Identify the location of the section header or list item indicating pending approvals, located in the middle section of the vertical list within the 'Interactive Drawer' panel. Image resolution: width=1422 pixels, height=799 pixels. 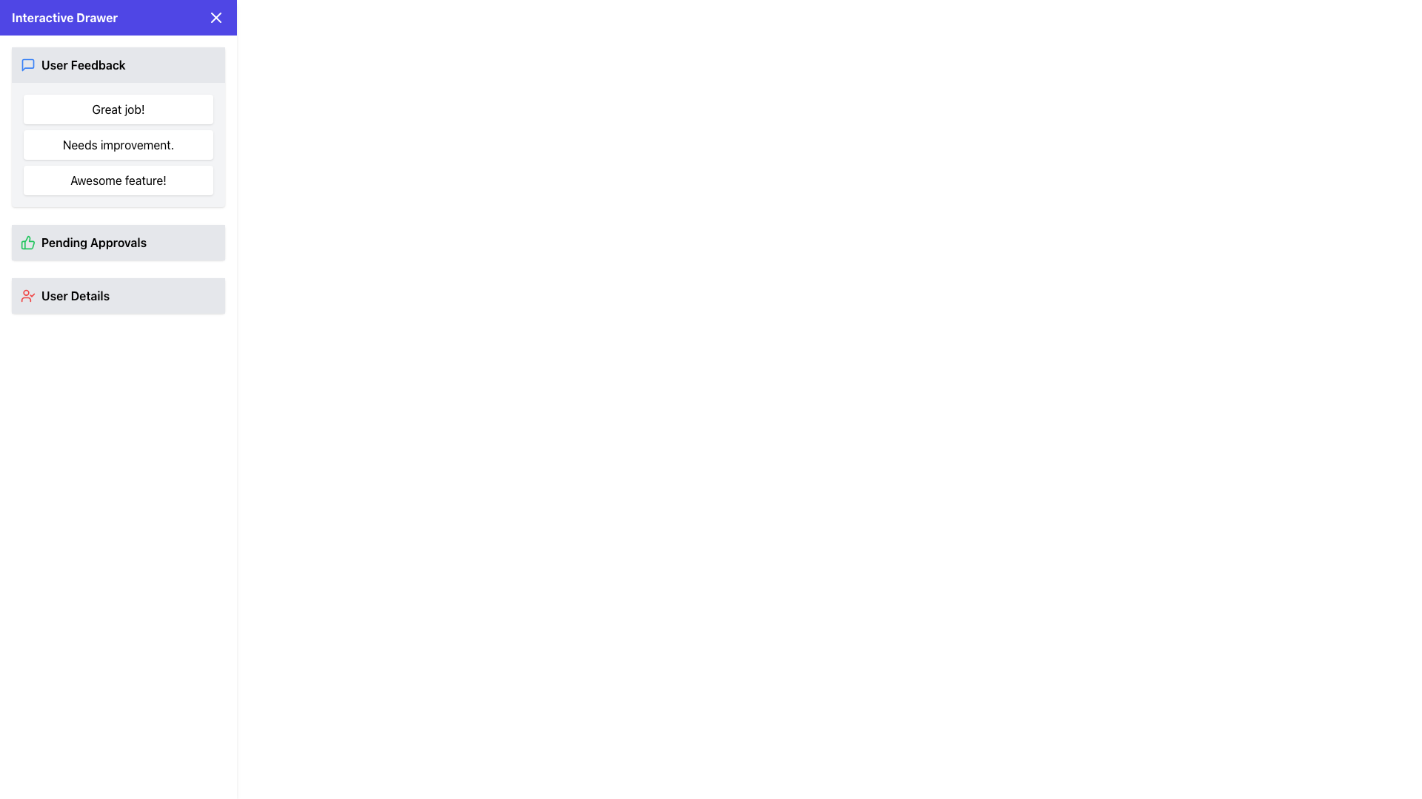
(117, 241).